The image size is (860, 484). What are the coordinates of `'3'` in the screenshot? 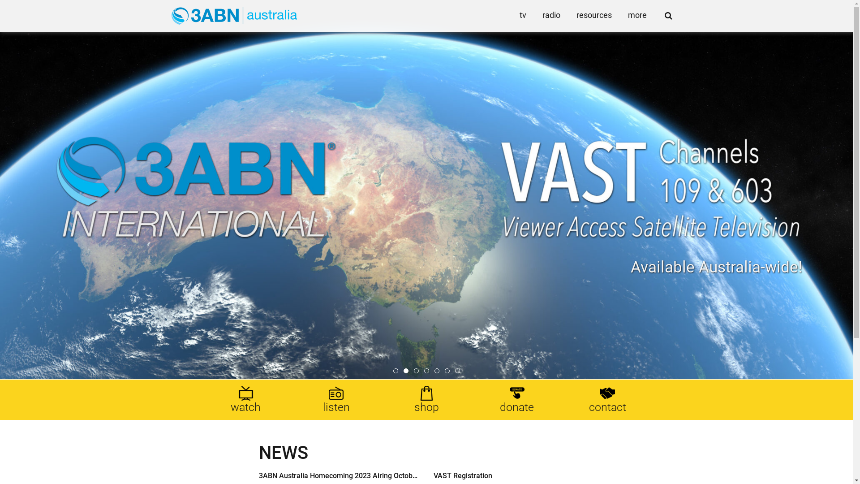 It's located at (416, 371).